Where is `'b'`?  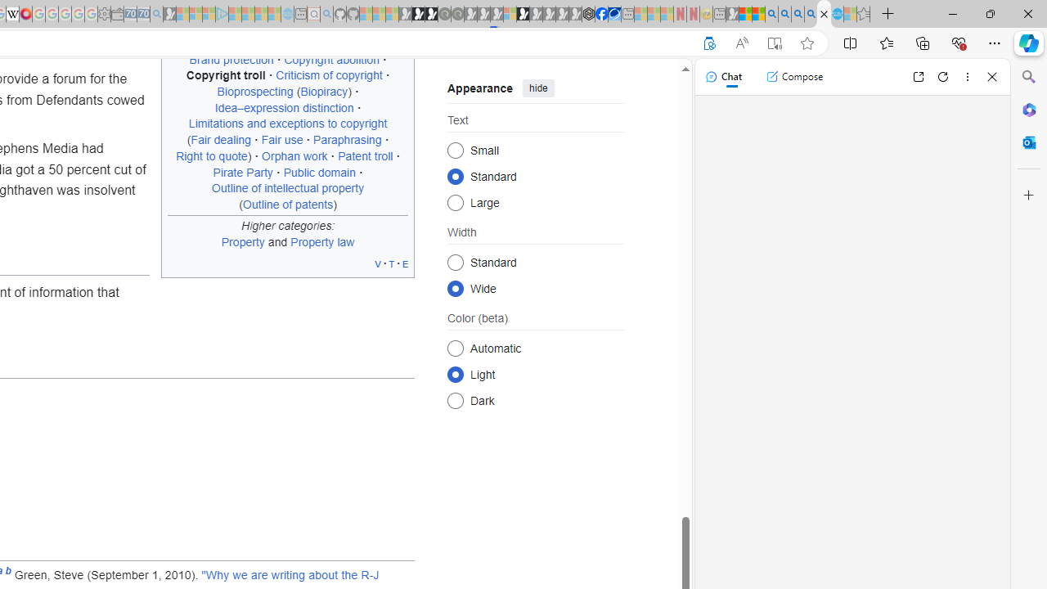
'b' is located at coordinates (8, 574).